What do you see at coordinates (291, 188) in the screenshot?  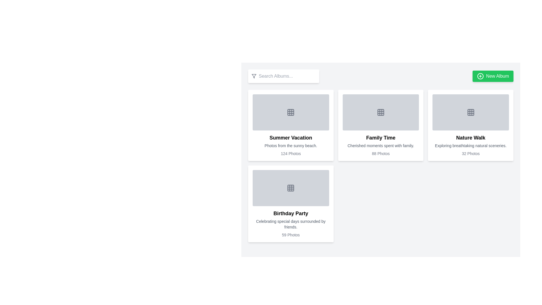 I see `the icon representing the grid or album view located within the 'Birthday Party' card in the bottom-left corner of the 2x2 grid layout` at bounding box center [291, 188].